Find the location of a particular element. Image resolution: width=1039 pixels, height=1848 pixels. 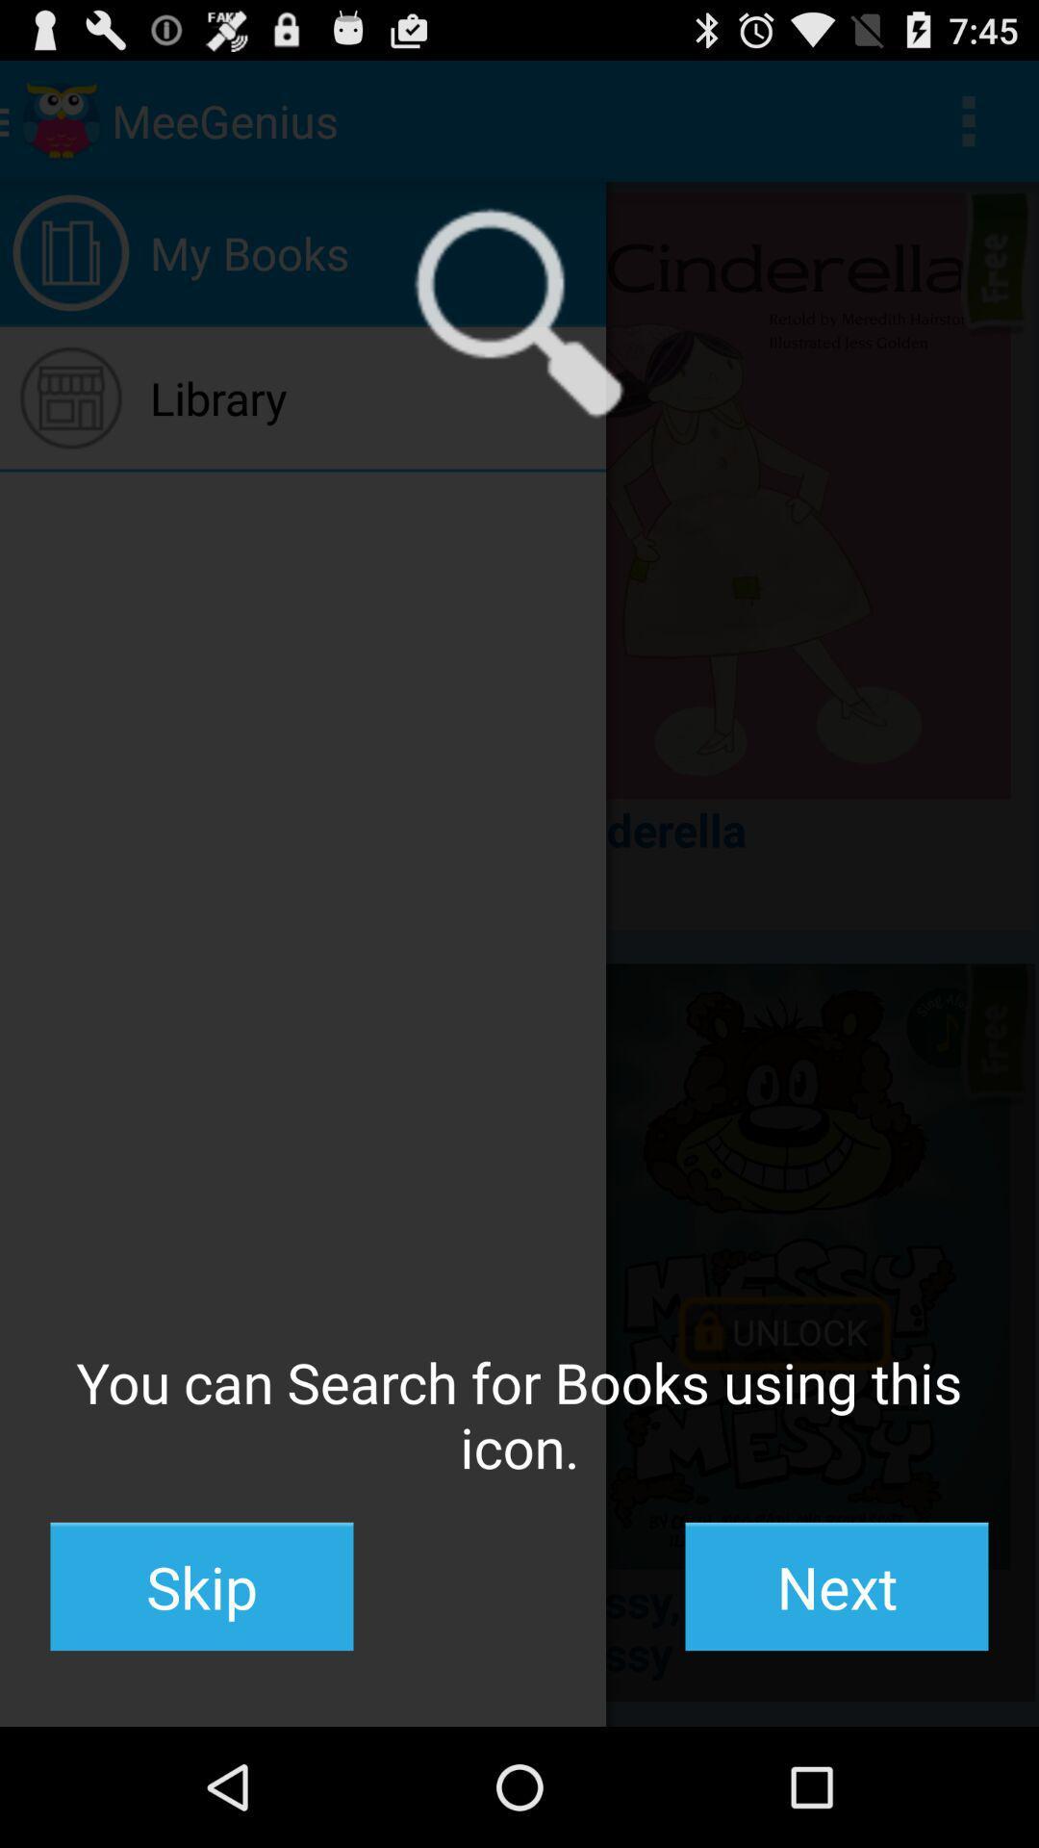

the app below the you can search app is located at coordinates (201, 1586).